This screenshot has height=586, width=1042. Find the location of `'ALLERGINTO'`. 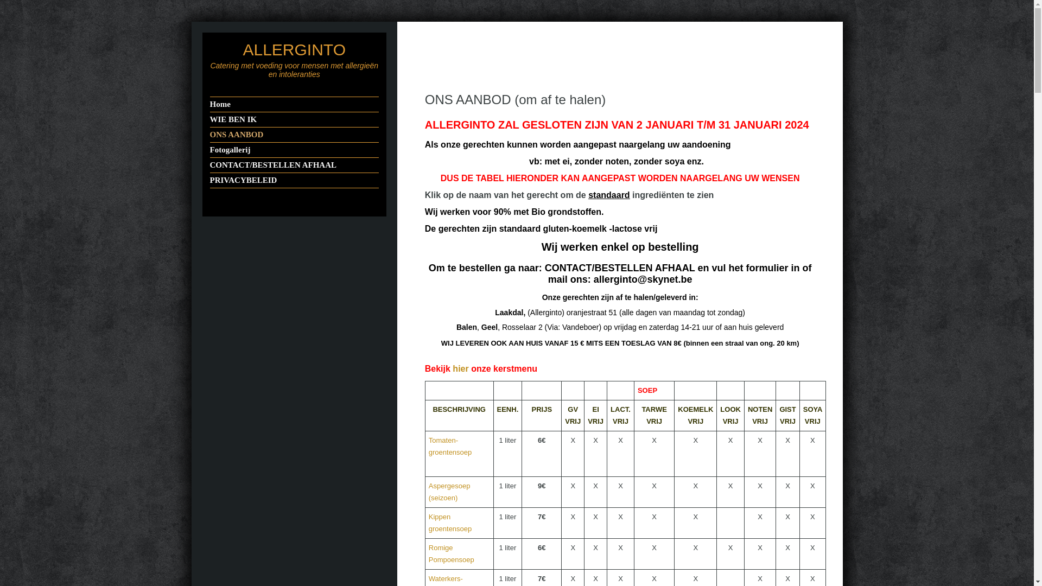

'ALLERGINTO' is located at coordinates (242, 49).